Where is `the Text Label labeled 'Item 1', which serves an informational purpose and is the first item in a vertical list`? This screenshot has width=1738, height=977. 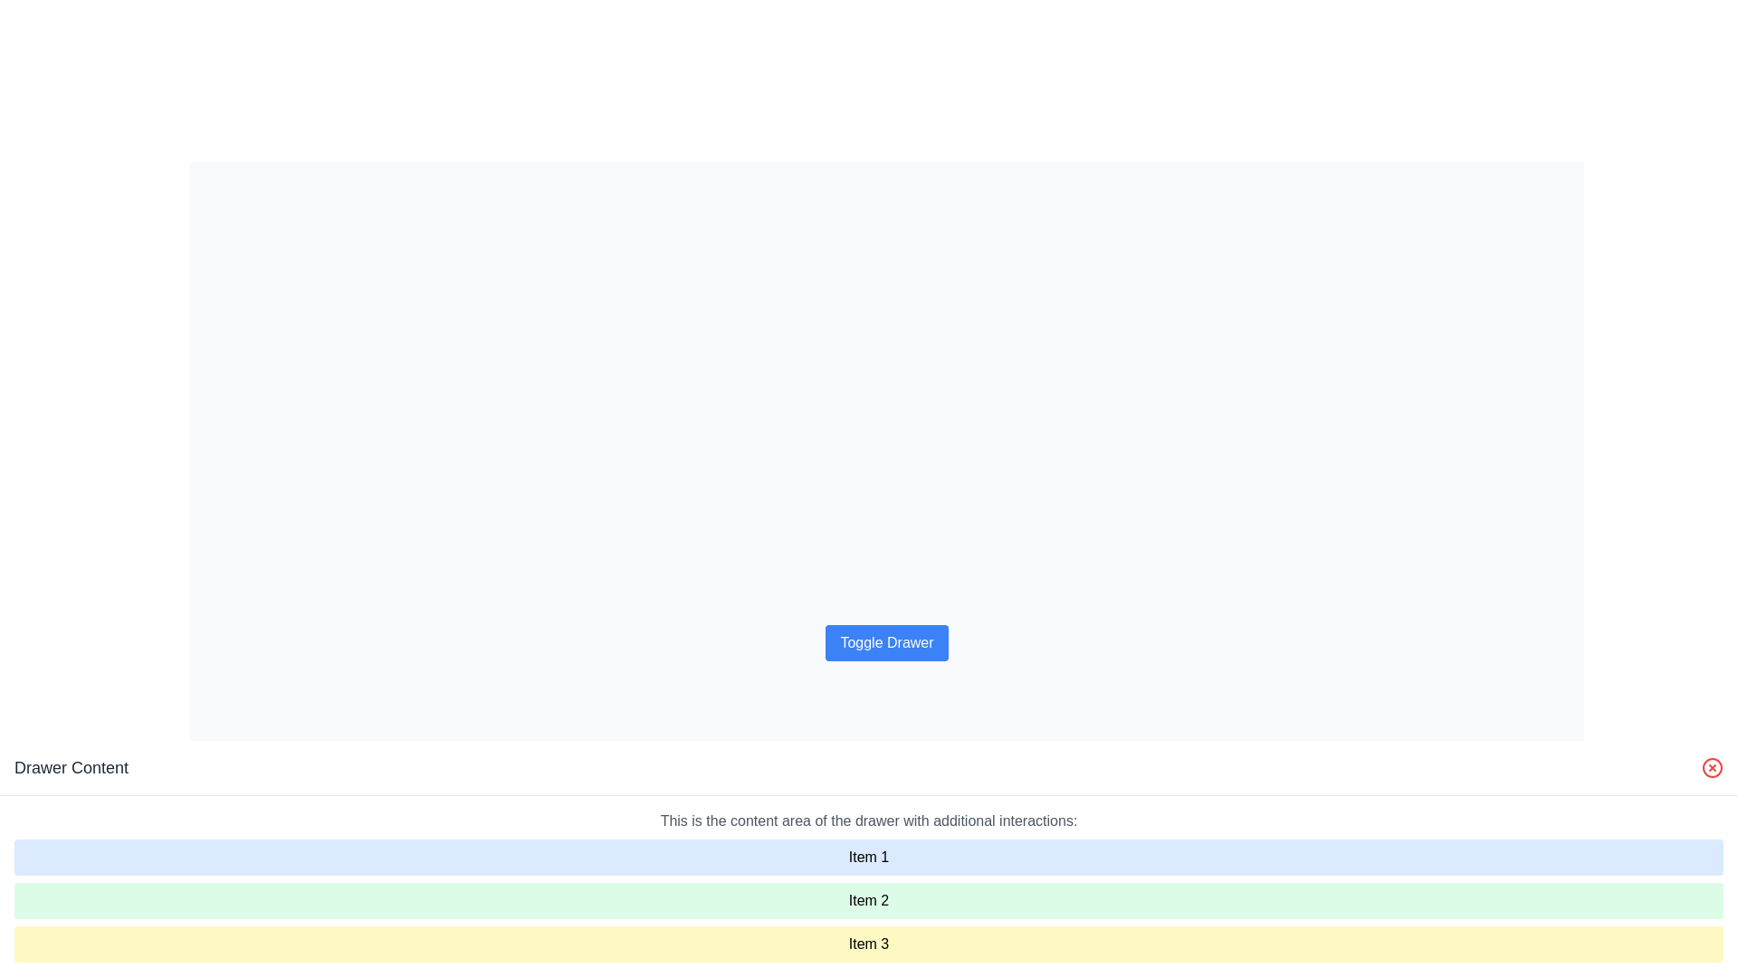
the Text Label labeled 'Item 1', which serves an informational purpose and is the first item in a vertical list is located at coordinates (869, 857).